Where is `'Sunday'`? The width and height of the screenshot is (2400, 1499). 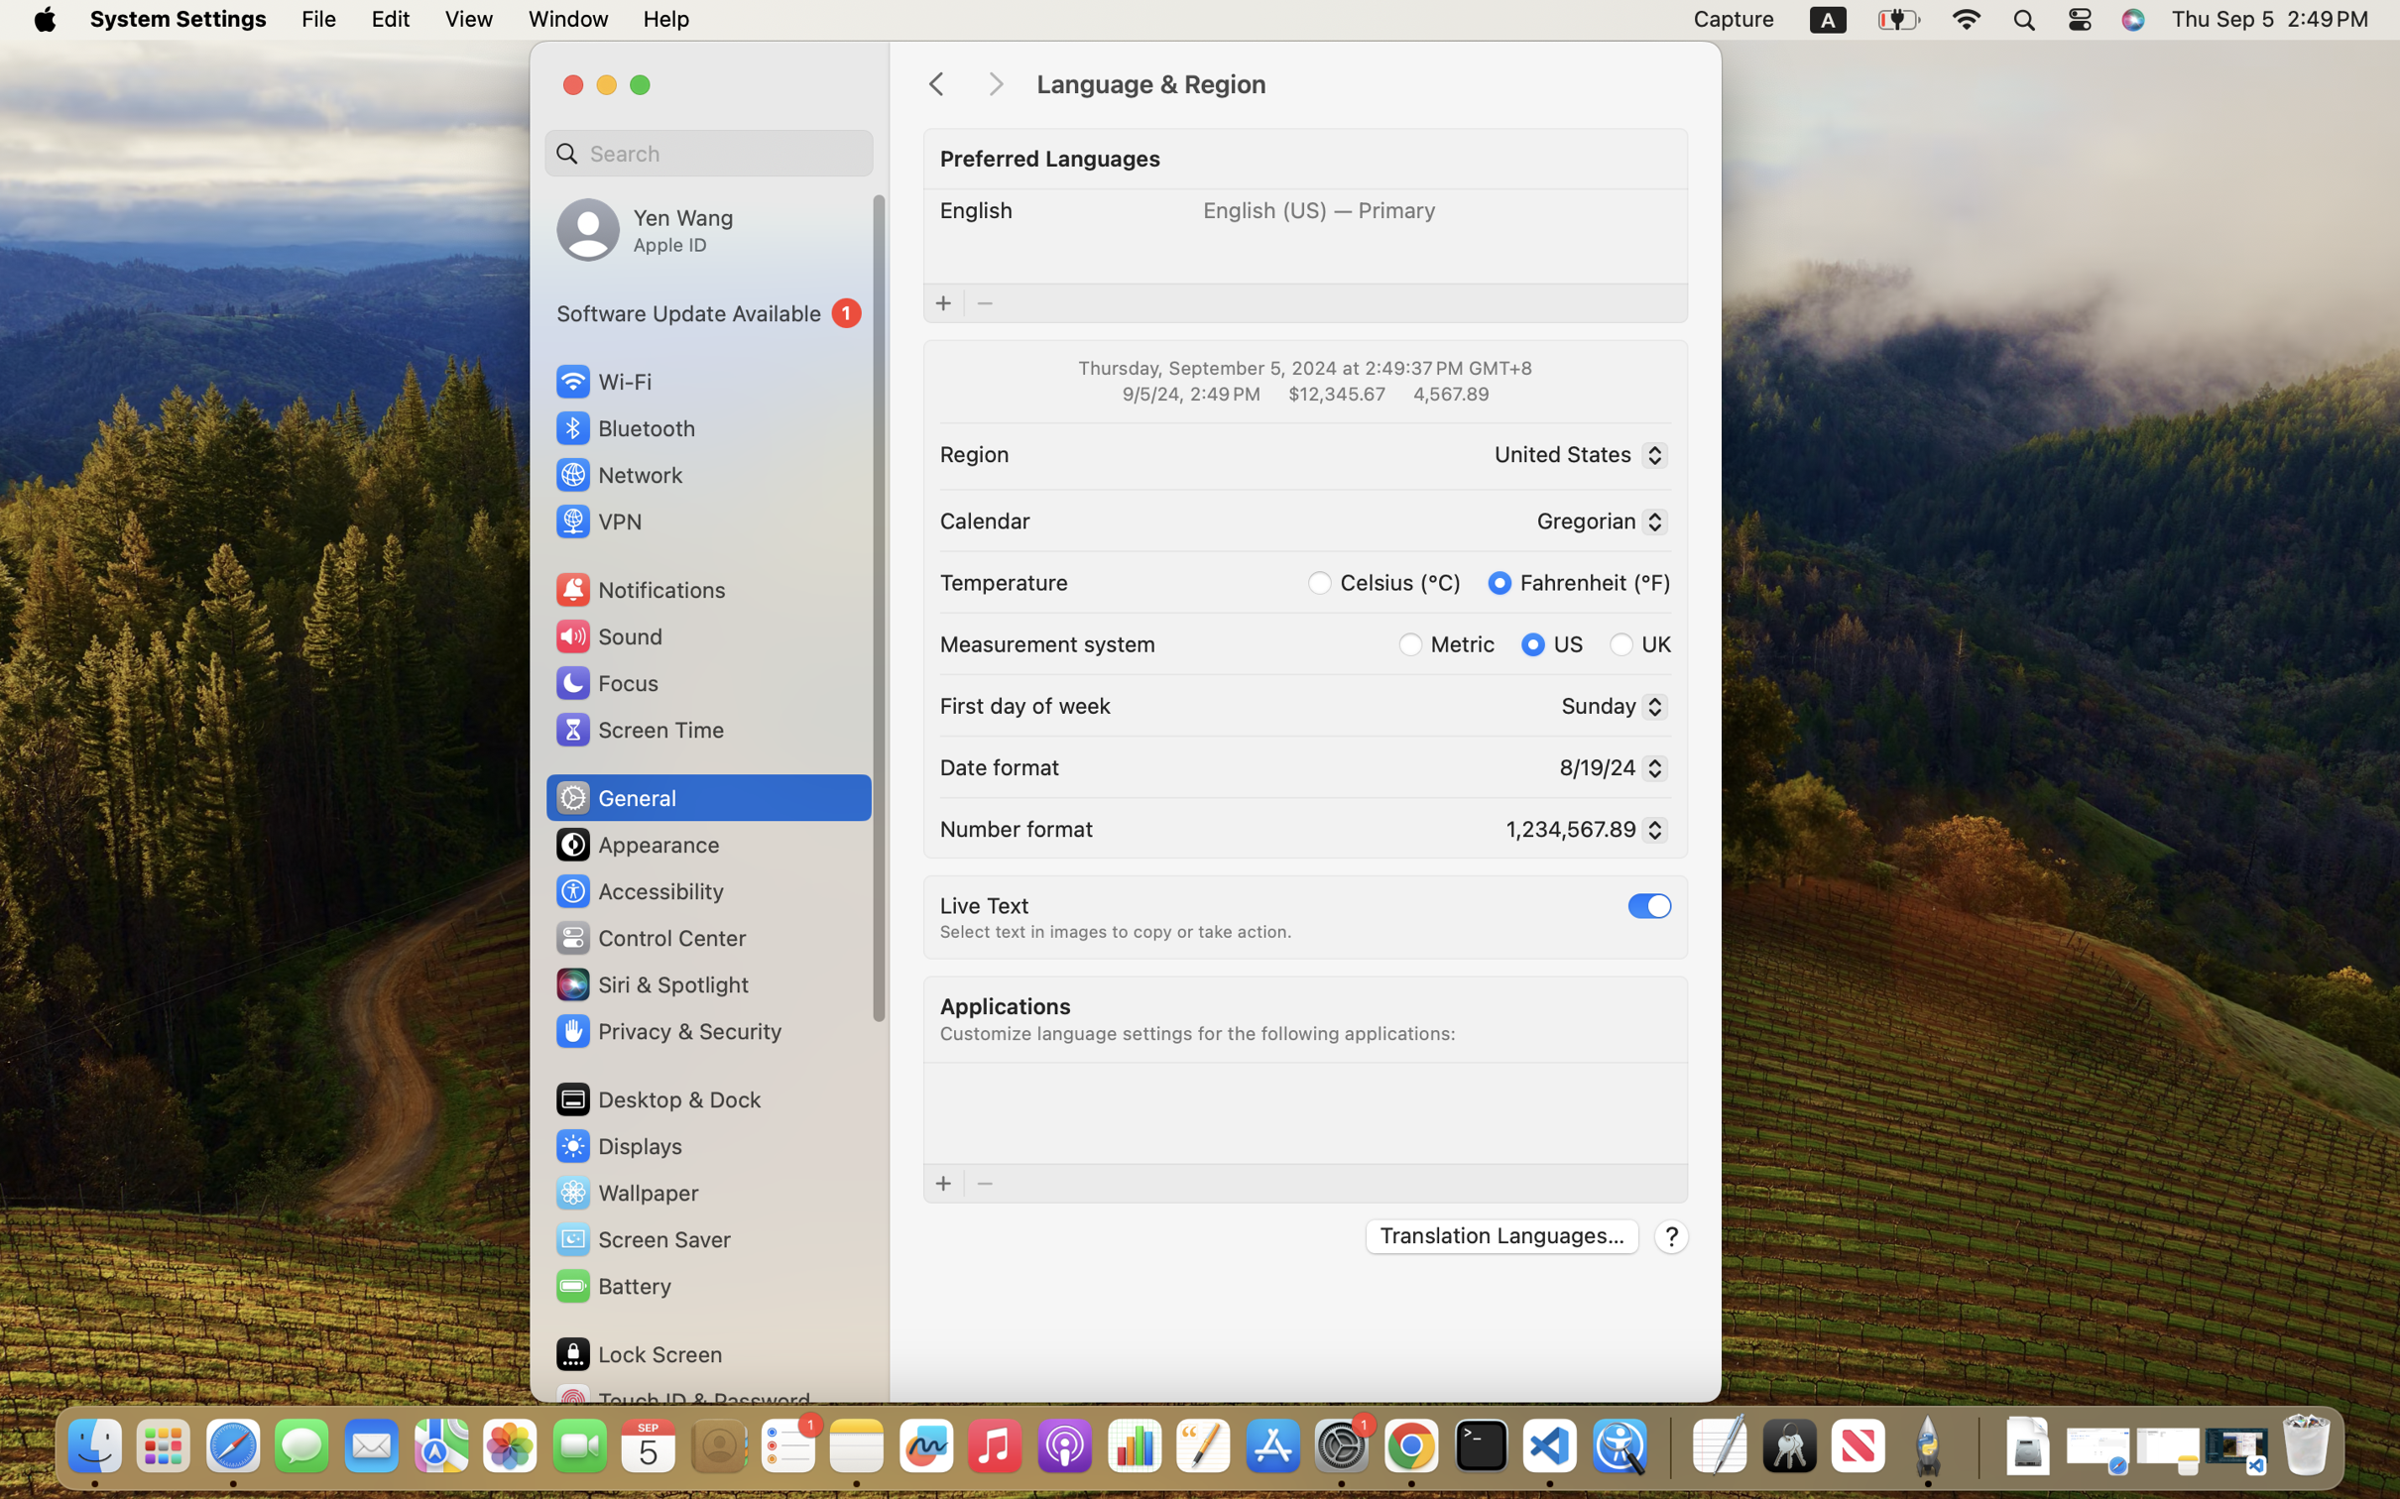
'Sunday' is located at coordinates (1608, 708).